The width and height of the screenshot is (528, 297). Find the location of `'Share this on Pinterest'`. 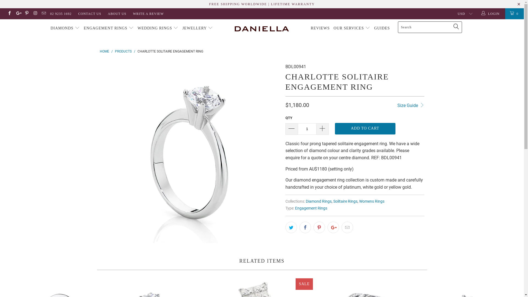

'Share this on Pinterest' is located at coordinates (319, 227).